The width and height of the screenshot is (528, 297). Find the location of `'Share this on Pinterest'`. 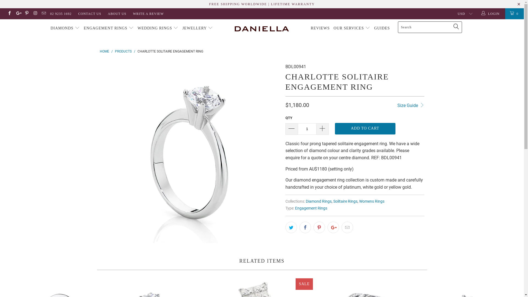

'Share this on Pinterest' is located at coordinates (319, 227).